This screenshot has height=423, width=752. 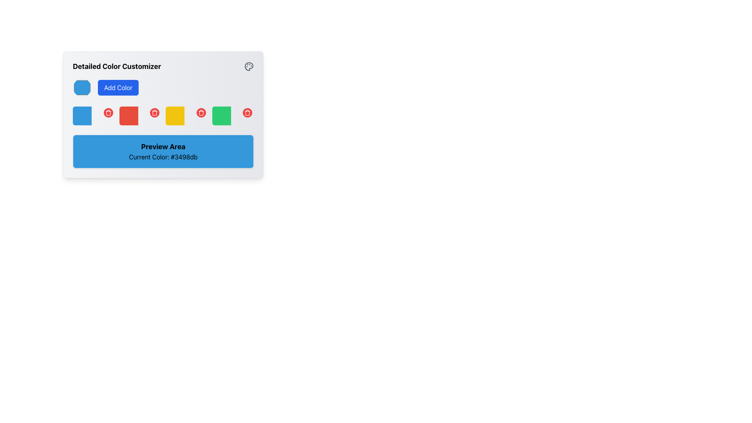 What do you see at coordinates (201, 113) in the screenshot?
I see `the delete button located at the top right corner of the yellow color block in the 'Detailed Color Customizer' card` at bounding box center [201, 113].